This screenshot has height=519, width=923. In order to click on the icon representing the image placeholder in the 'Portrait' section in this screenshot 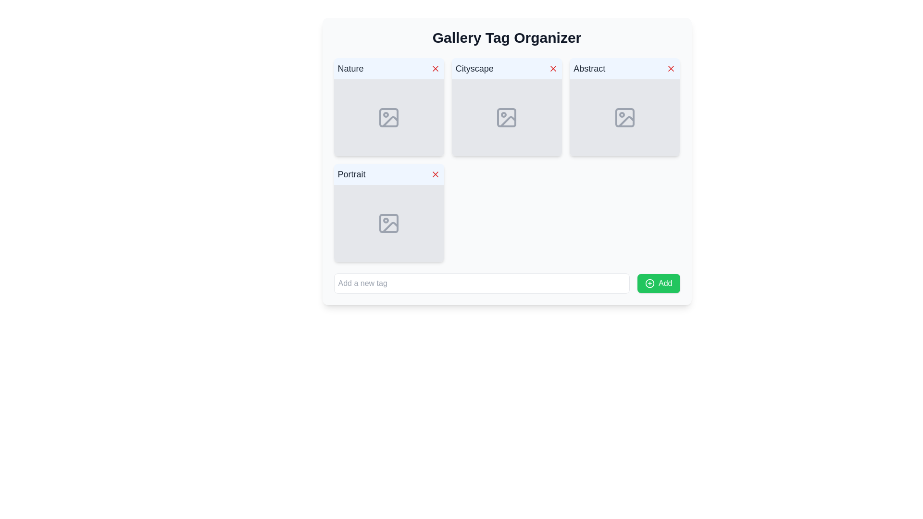, I will do `click(389, 223)`.